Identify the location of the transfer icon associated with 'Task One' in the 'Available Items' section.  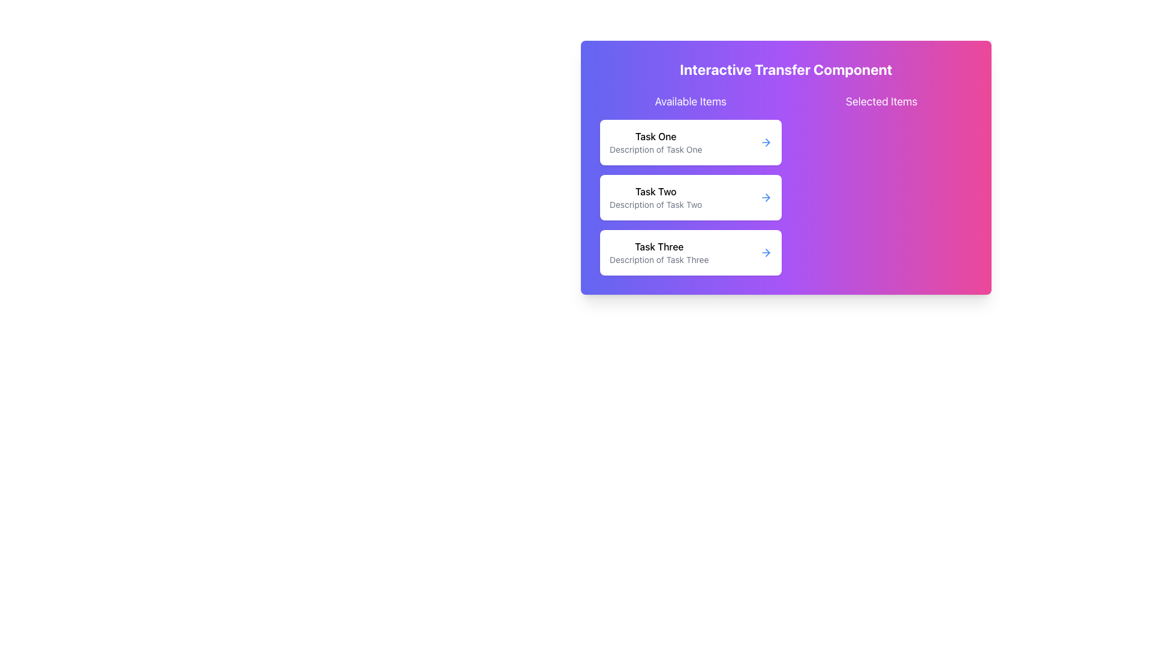
(765, 142).